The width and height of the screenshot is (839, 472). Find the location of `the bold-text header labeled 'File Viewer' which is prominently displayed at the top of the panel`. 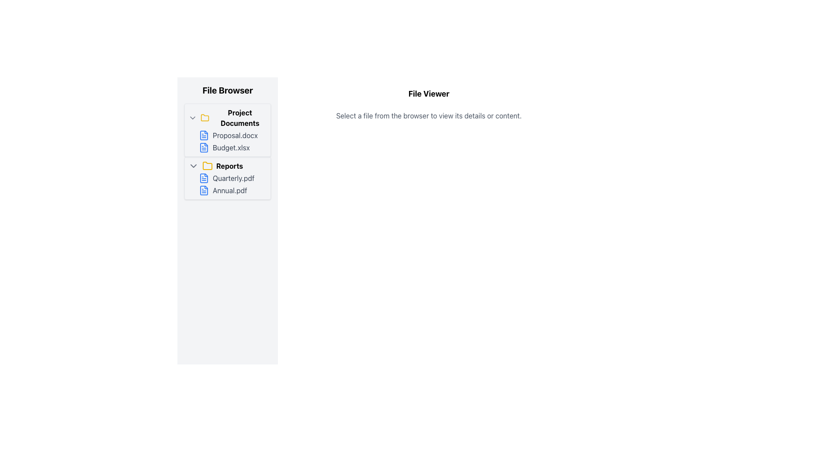

the bold-text header labeled 'File Viewer' which is prominently displayed at the top of the panel is located at coordinates (429, 94).